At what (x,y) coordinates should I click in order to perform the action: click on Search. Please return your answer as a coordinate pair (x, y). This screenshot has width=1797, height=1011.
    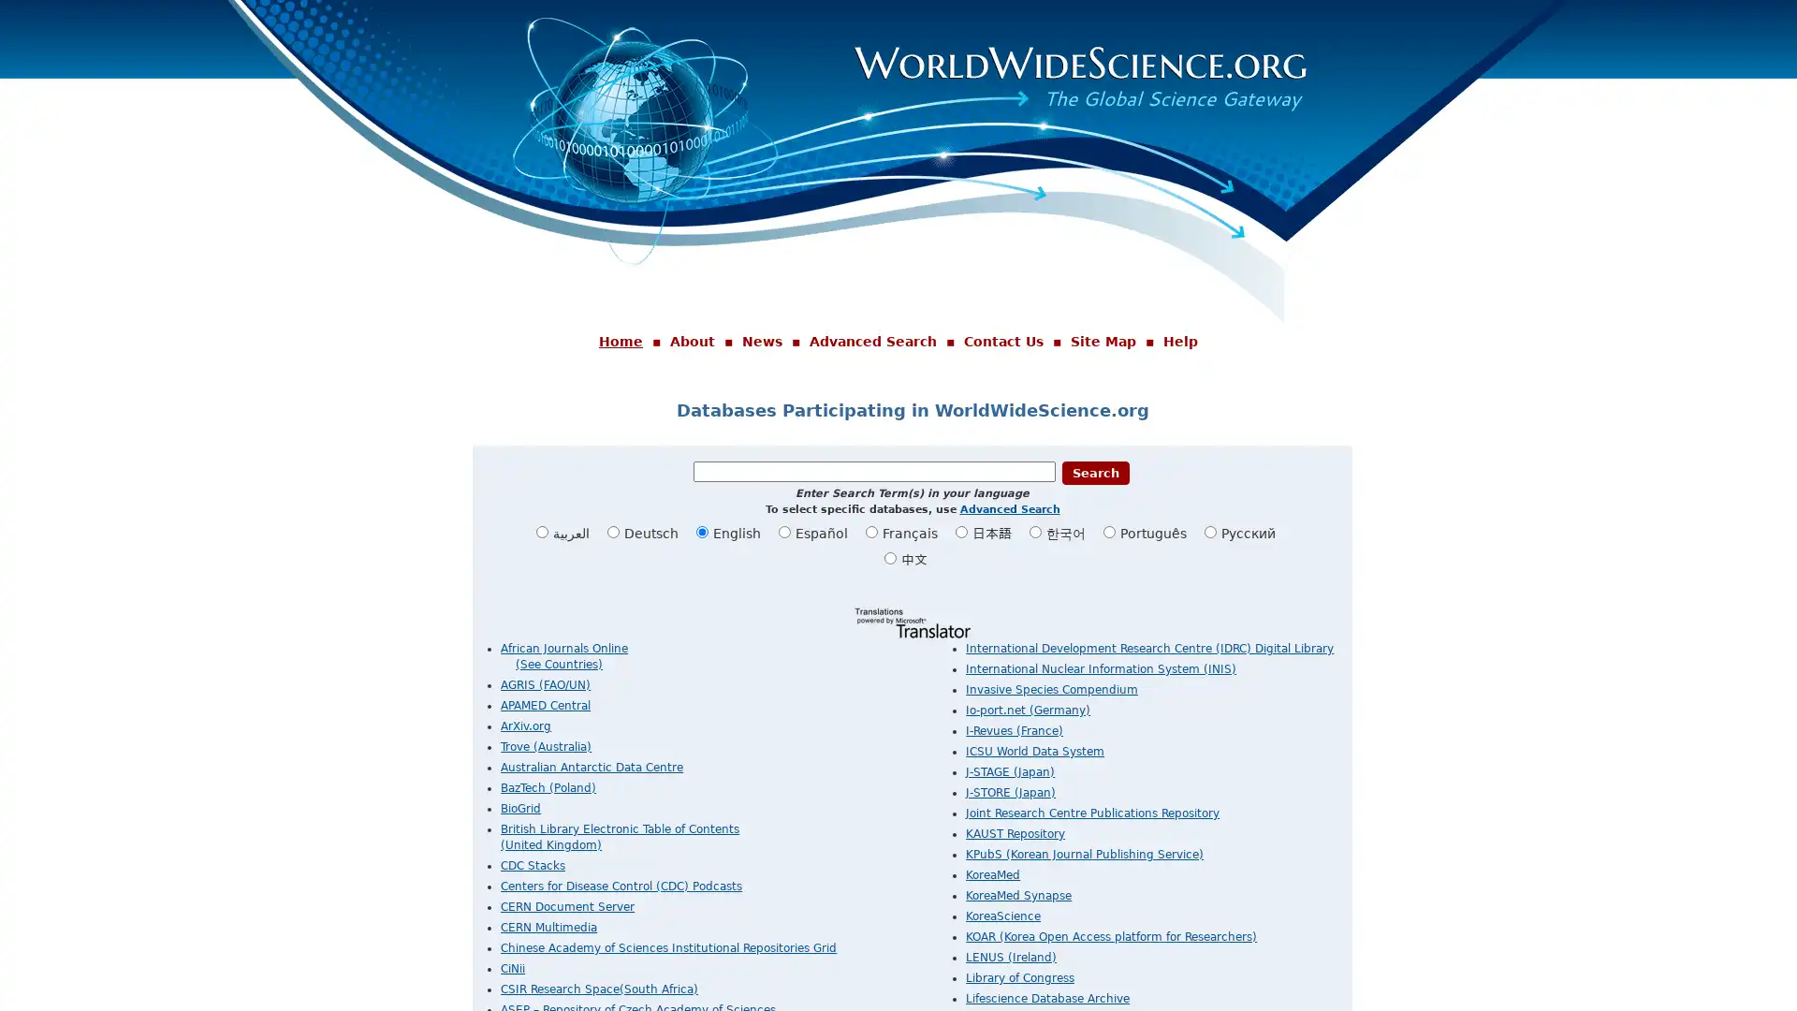
    Looking at the image, I should click on (1095, 471).